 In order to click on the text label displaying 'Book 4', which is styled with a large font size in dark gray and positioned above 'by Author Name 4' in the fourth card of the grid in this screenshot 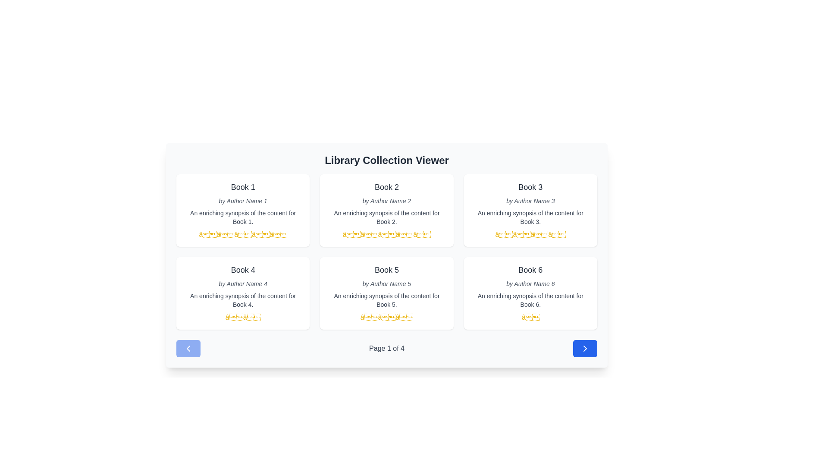, I will do `click(242, 269)`.